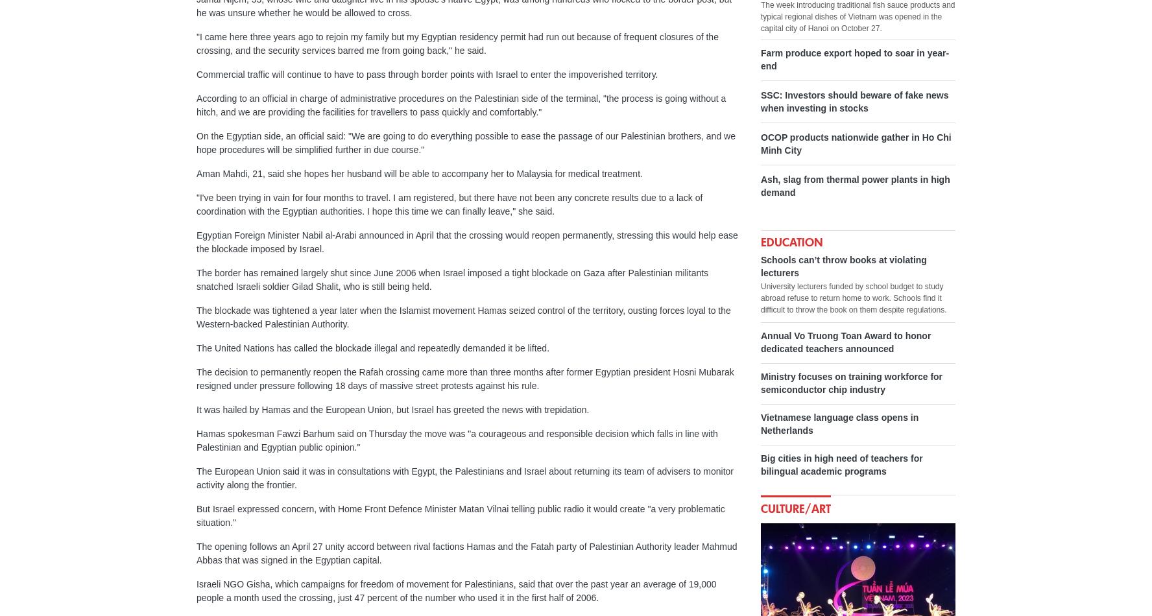 This screenshot has width=1152, height=616. I want to click on 'The United Nations has called the blockade illegal and repeatedly demanded it be lifted.', so click(373, 348).